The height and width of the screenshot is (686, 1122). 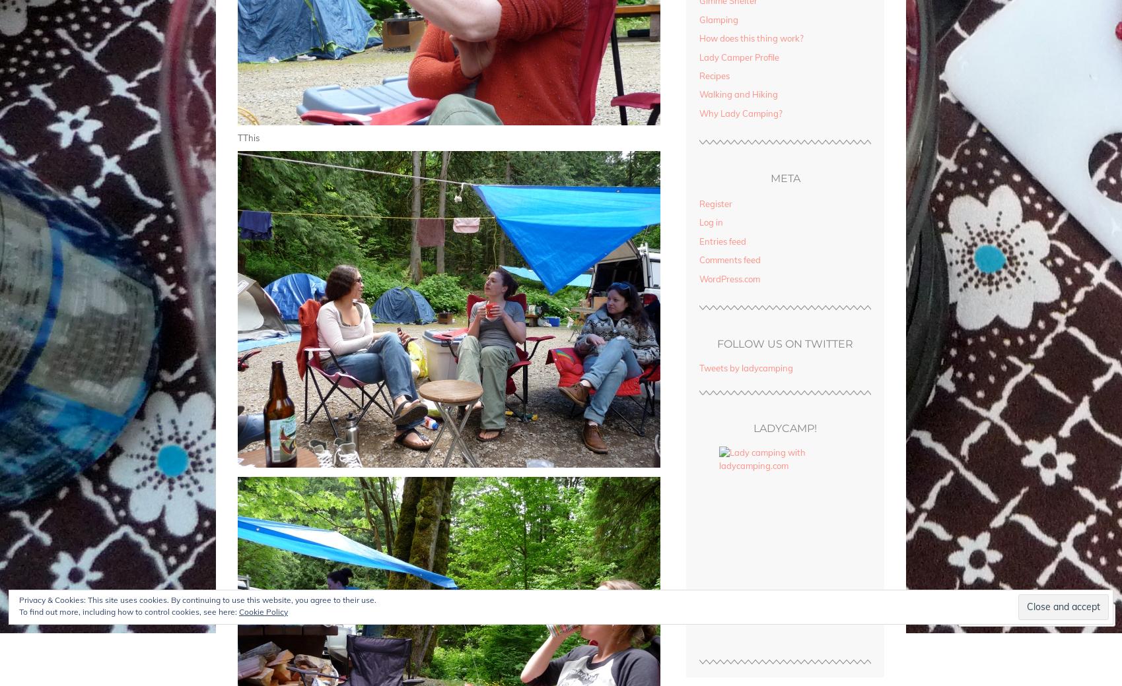 I want to click on 'Lady Camper Profile', so click(x=738, y=56).